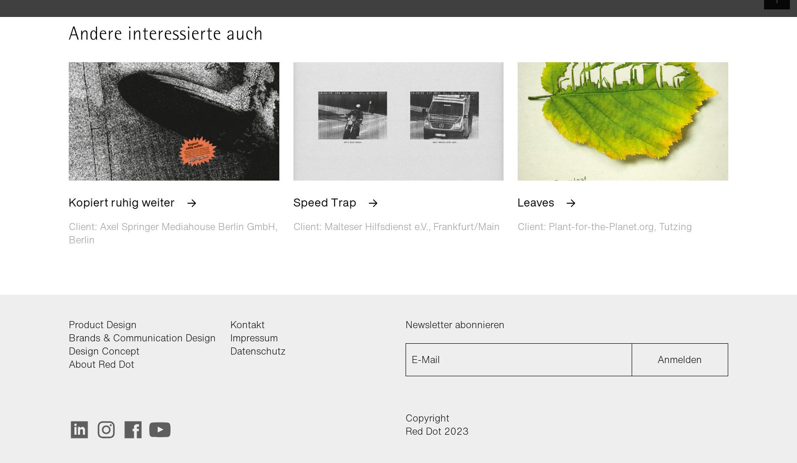 This screenshot has height=463, width=797. Describe the element at coordinates (68, 232) in the screenshot. I see `'Client: Axel Springer Mediahouse Berlin GmbH, Berlin'` at that location.